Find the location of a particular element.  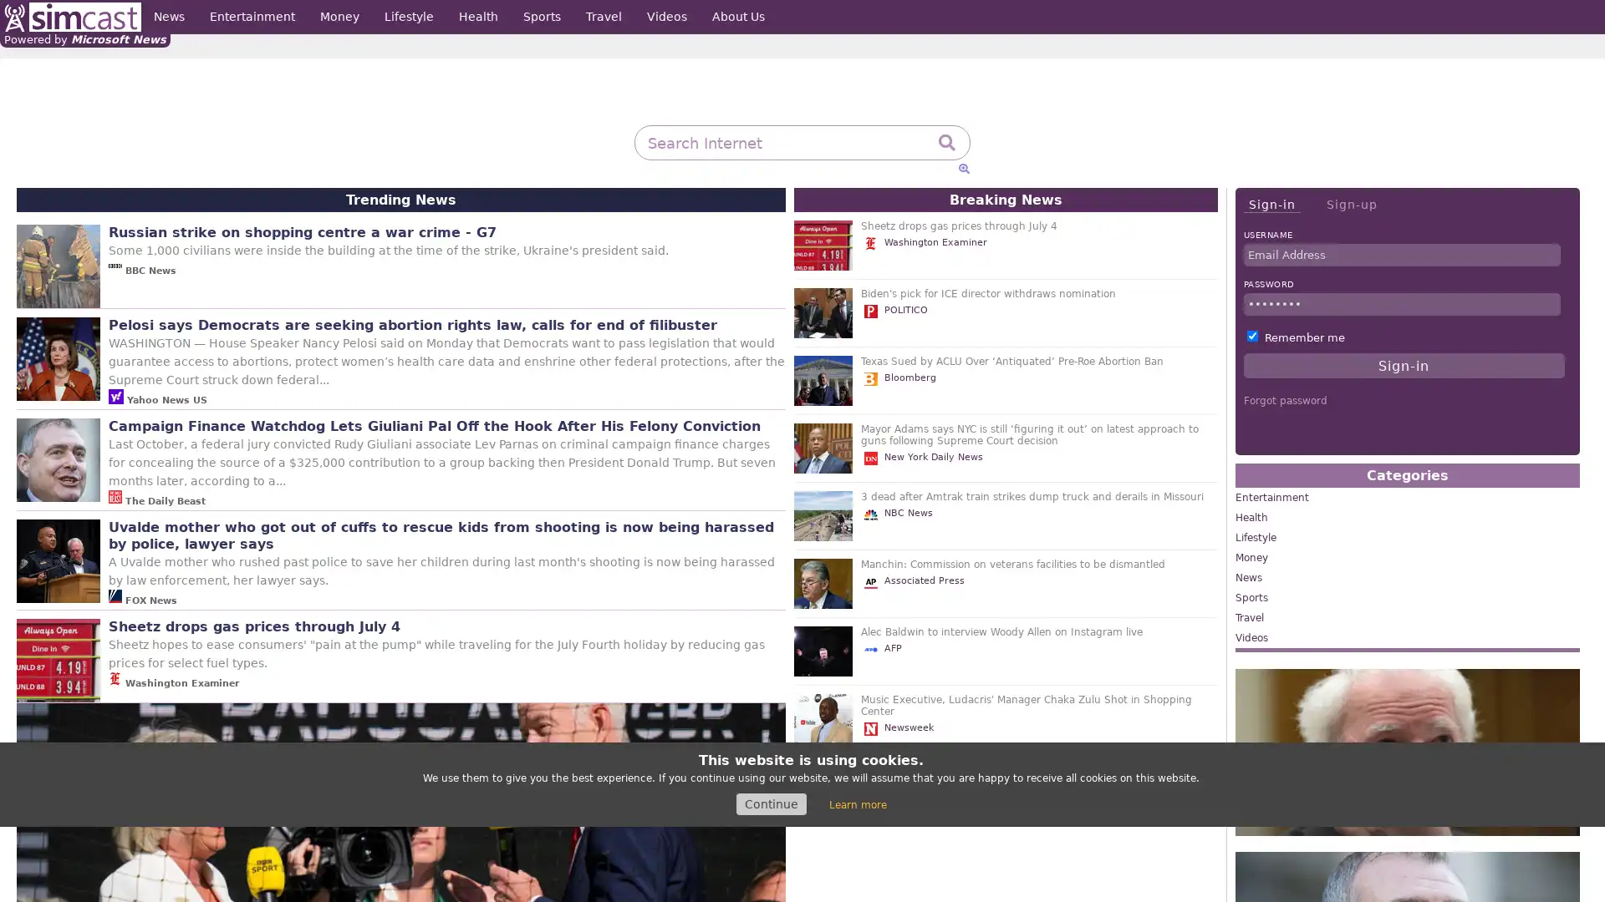

Sign-in is located at coordinates (1404, 365).